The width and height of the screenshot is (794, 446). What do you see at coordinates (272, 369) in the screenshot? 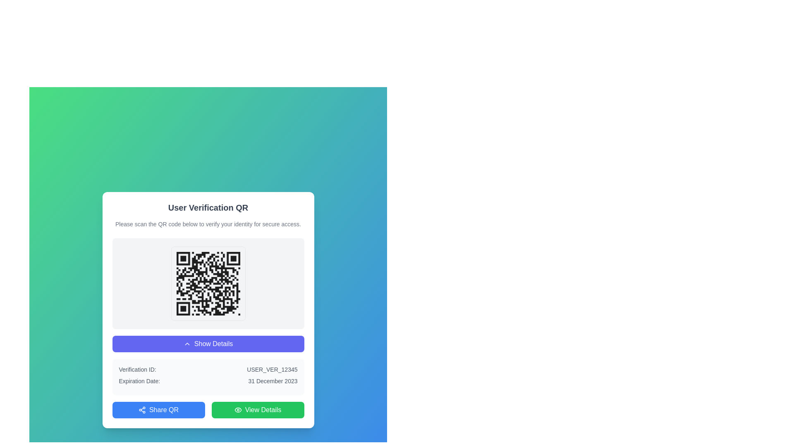
I see `display-only Text label showing the user's verification ID, located below the QR code and the 'Show Details' button, following the label 'Verification ID:'` at bounding box center [272, 369].